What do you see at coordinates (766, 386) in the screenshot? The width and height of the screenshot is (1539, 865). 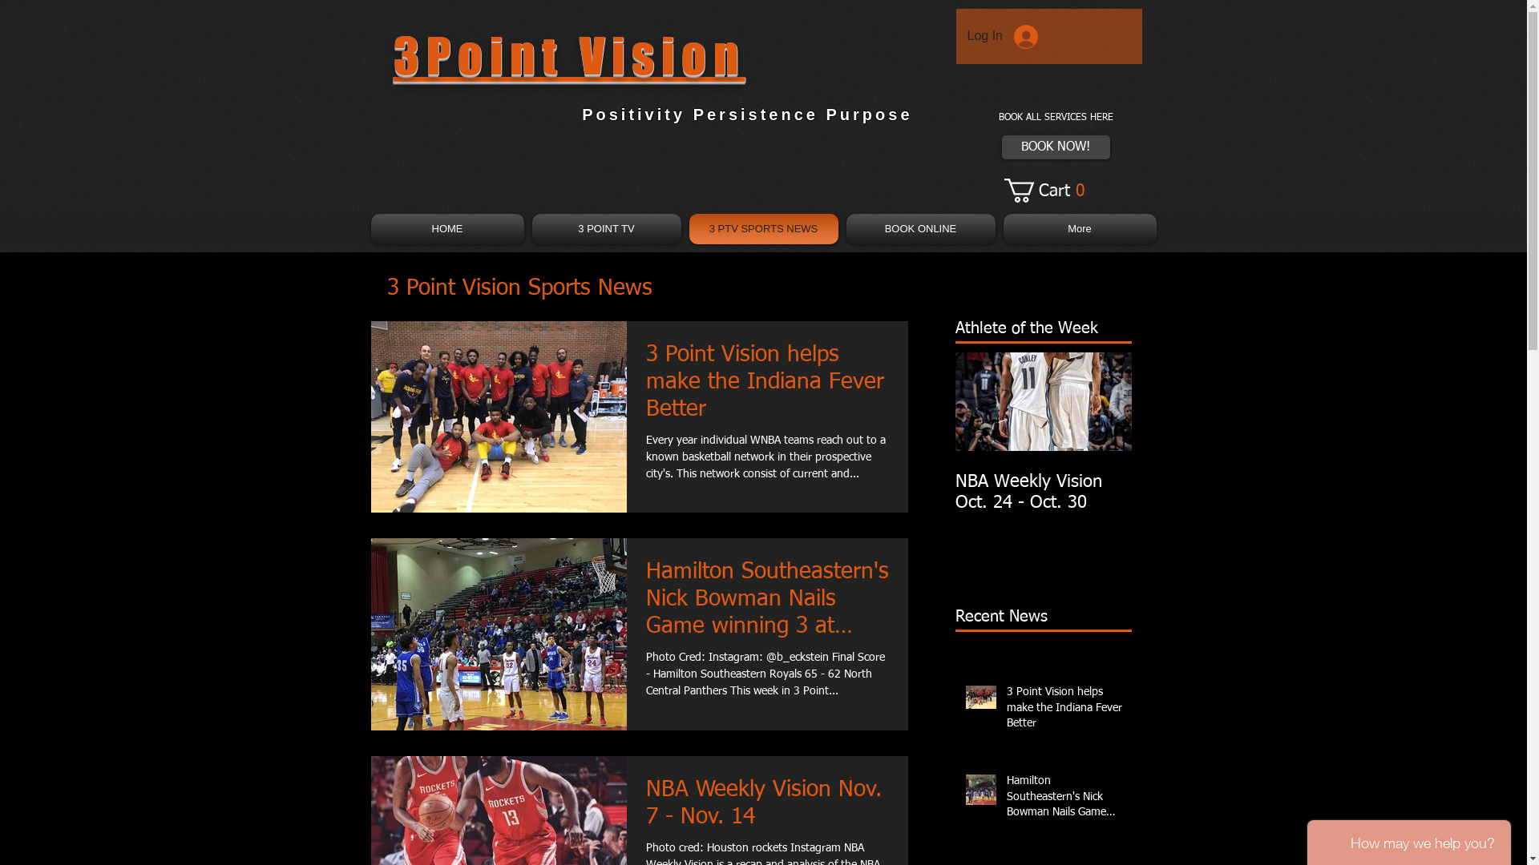 I see `'3 Point Vision helps make the Indiana Fever Better'` at bounding box center [766, 386].